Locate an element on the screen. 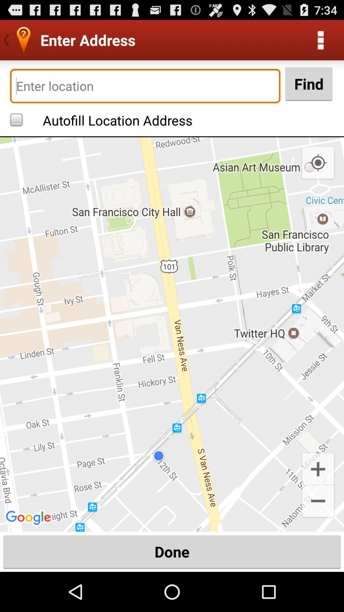 This screenshot has width=344, height=612. the done is located at coordinates (172, 551).